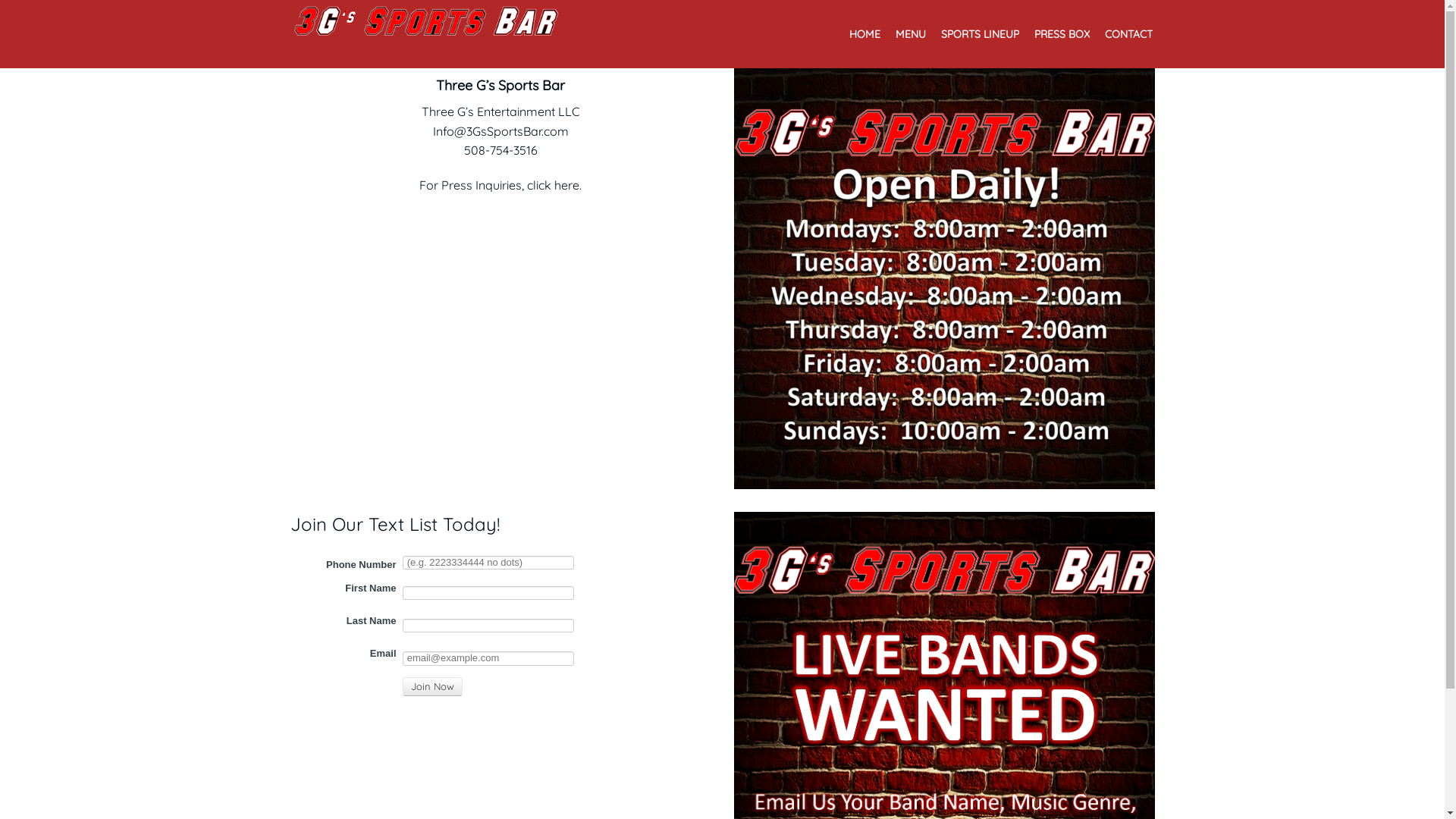  Describe the element at coordinates (431, 687) in the screenshot. I see `'Join Now'` at that location.